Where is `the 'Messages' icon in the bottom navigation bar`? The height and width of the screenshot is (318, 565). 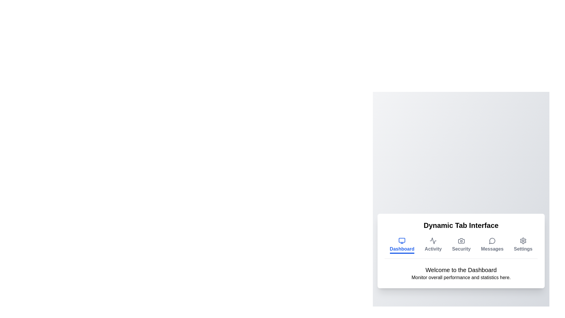 the 'Messages' icon in the bottom navigation bar is located at coordinates (492, 241).